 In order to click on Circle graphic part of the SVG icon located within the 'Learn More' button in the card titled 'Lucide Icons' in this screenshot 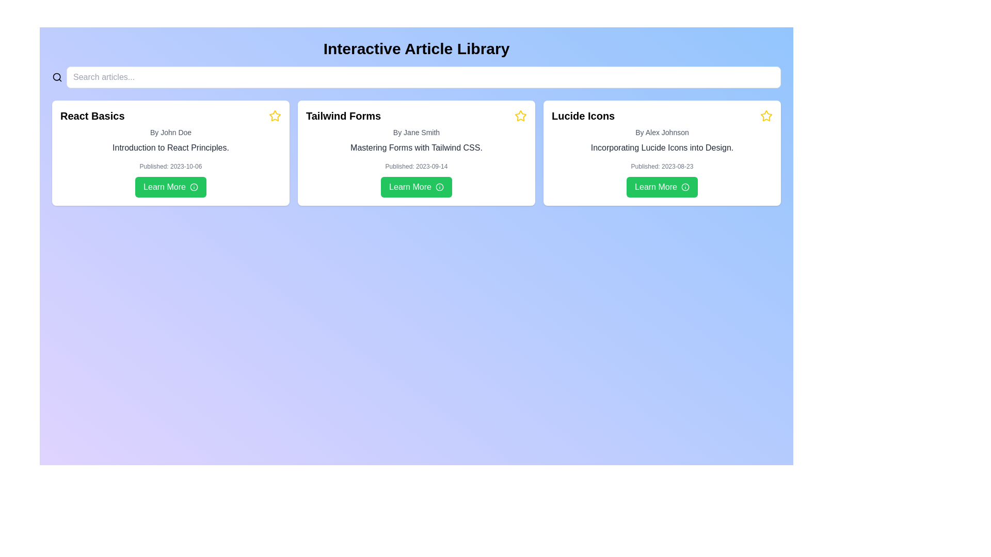, I will do `click(685, 187)`.